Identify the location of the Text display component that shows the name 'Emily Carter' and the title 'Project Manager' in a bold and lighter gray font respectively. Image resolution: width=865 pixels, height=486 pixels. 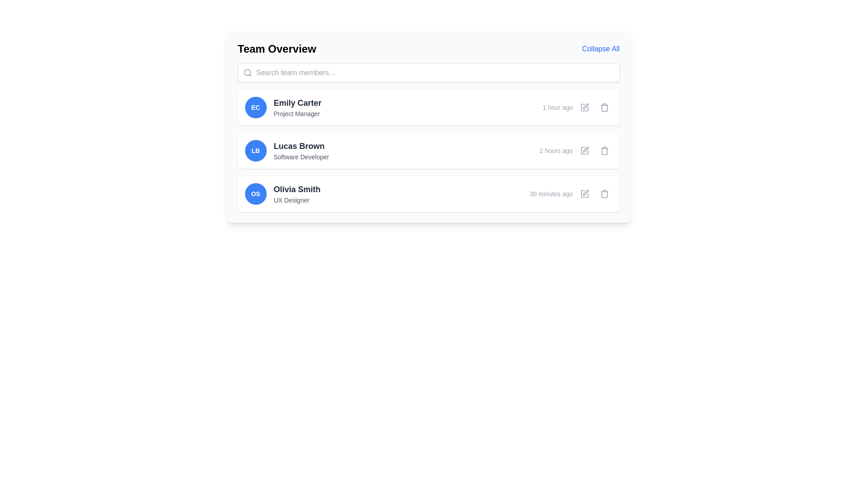
(297, 107).